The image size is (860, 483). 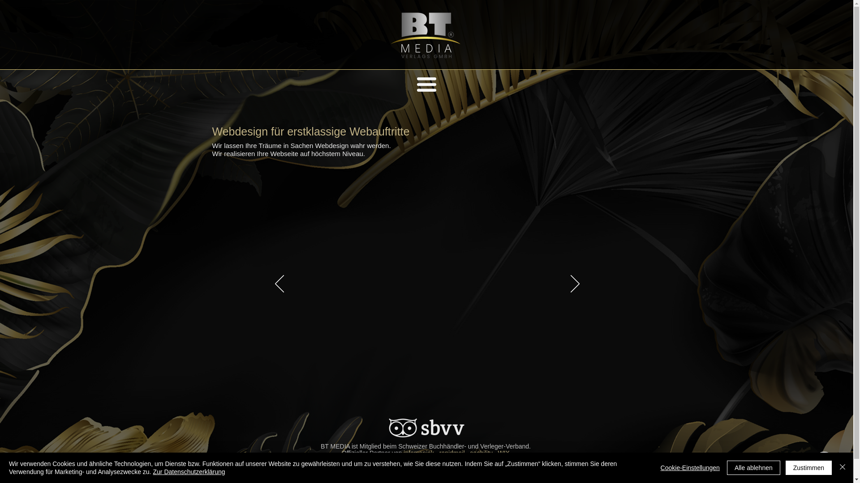 What do you see at coordinates (785, 467) in the screenshot?
I see `'Zustimmen'` at bounding box center [785, 467].